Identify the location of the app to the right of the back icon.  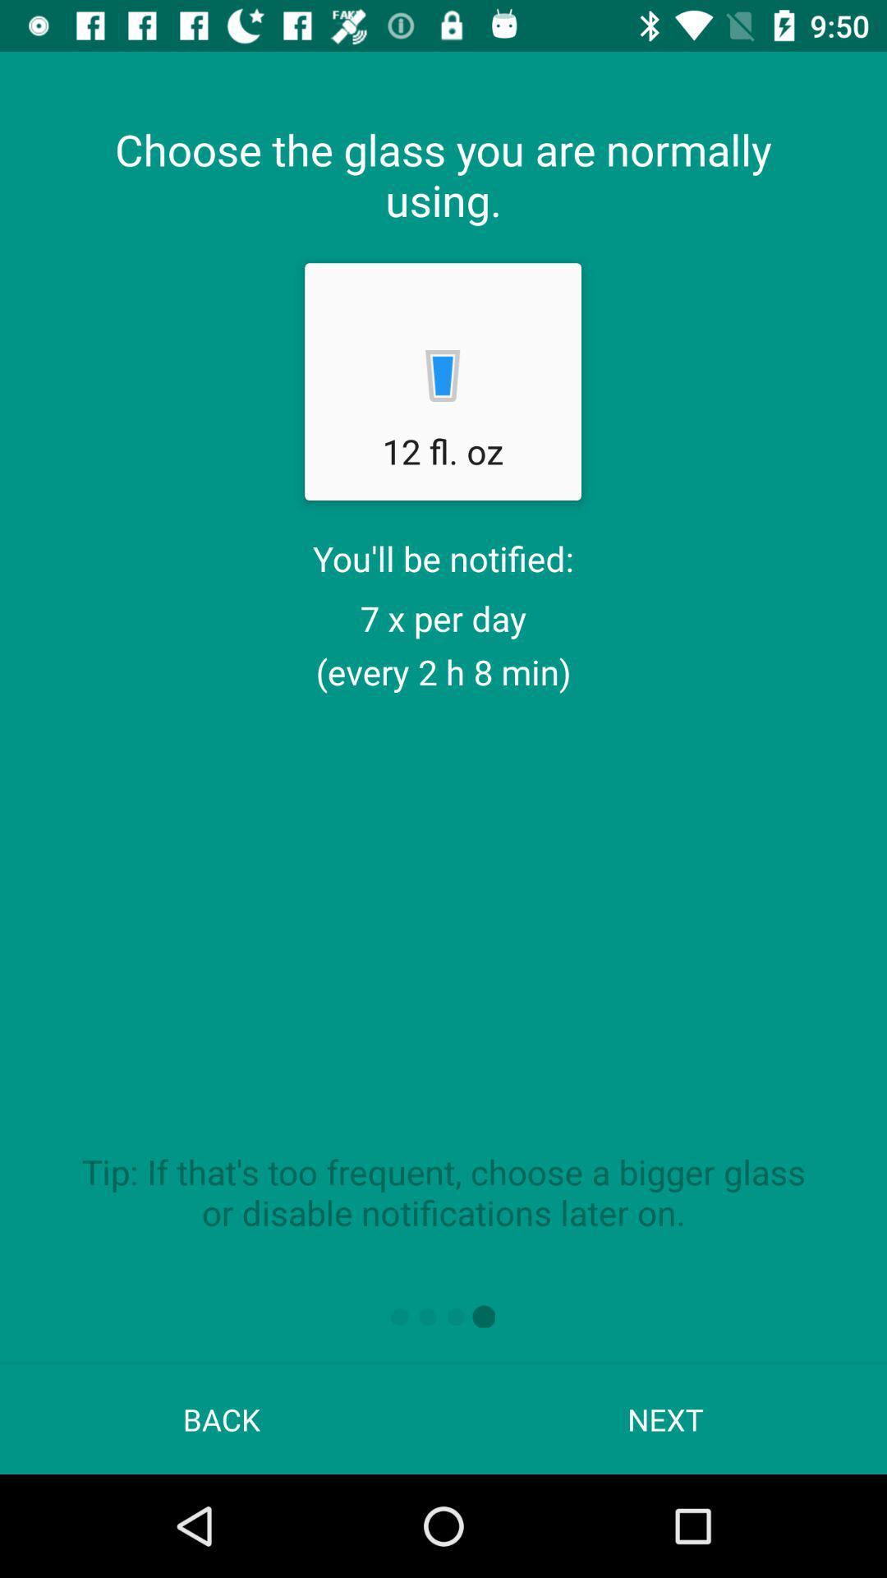
(665, 1419).